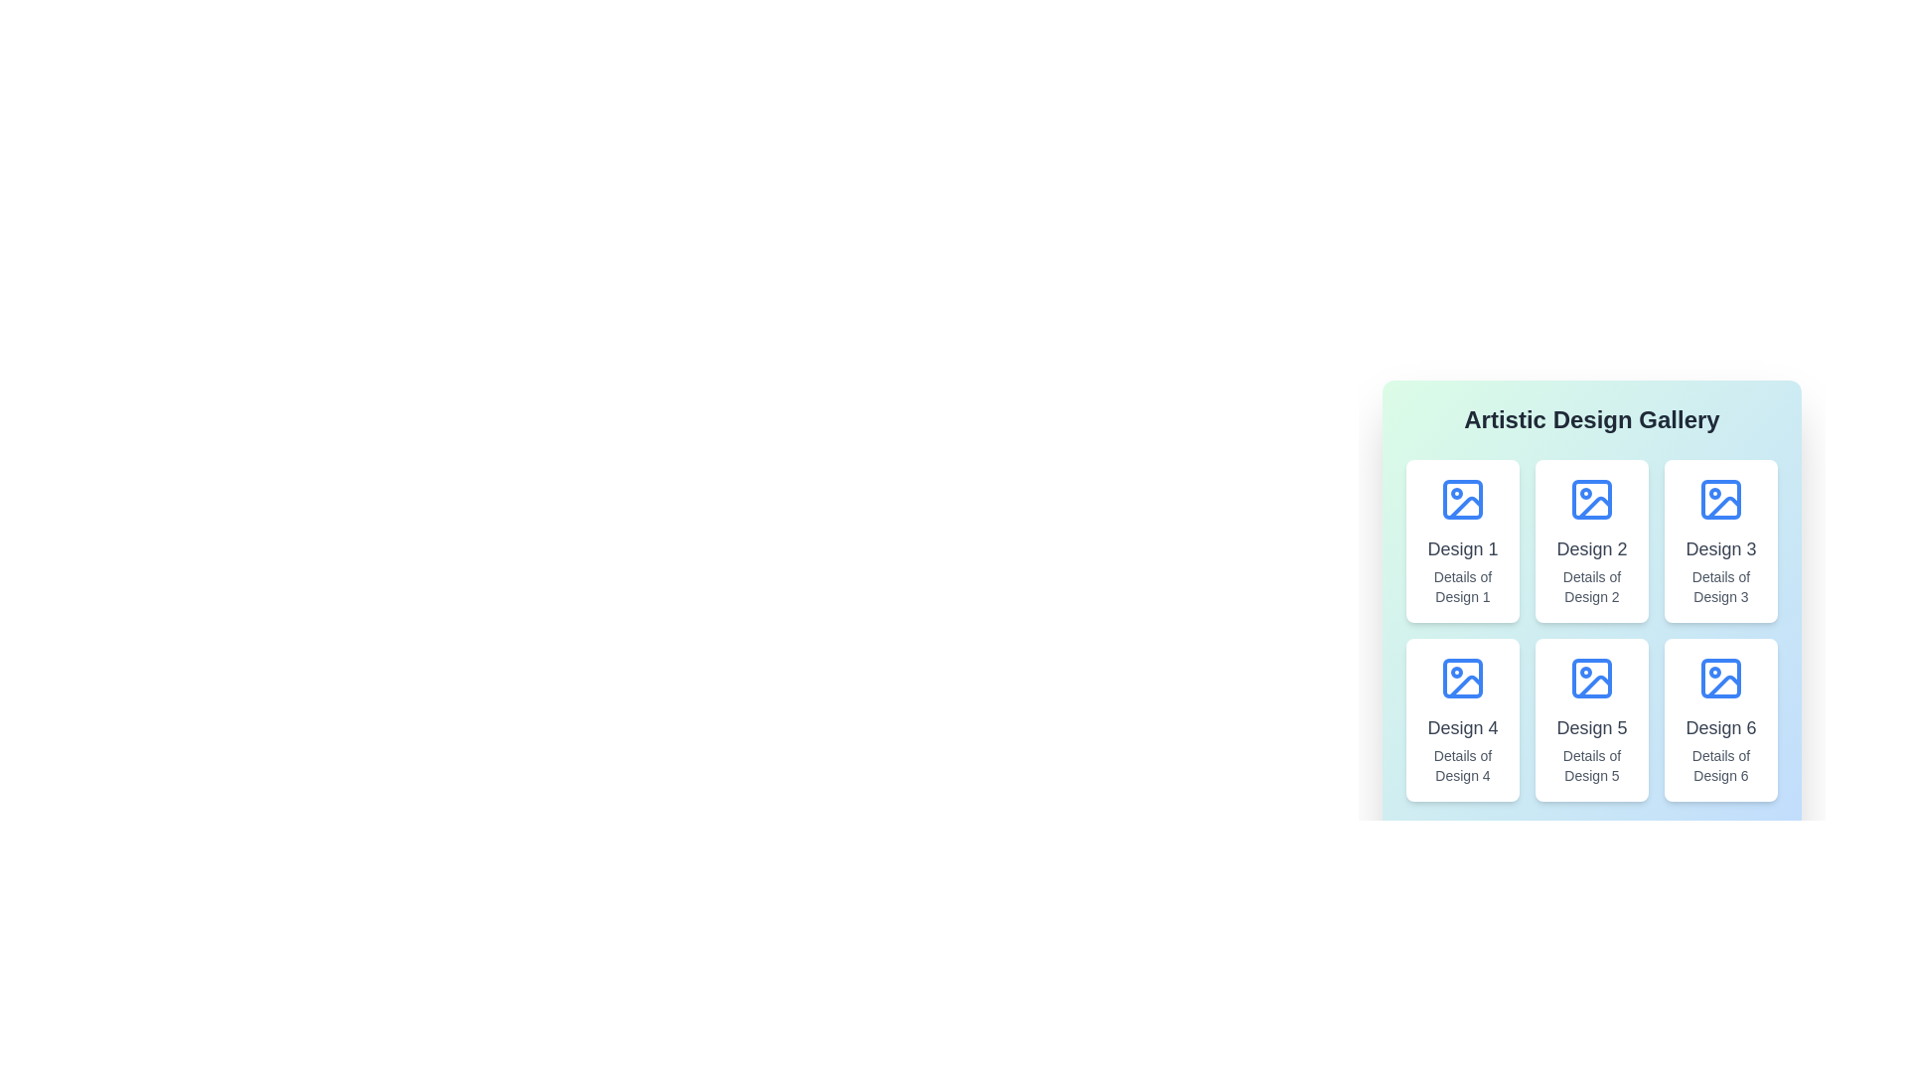  What do you see at coordinates (1592, 765) in the screenshot?
I see `the Static text label located at the bottom of the 'Design 5' card, which provides descriptive details about 'Design 5'` at bounding box center [1592, 765].